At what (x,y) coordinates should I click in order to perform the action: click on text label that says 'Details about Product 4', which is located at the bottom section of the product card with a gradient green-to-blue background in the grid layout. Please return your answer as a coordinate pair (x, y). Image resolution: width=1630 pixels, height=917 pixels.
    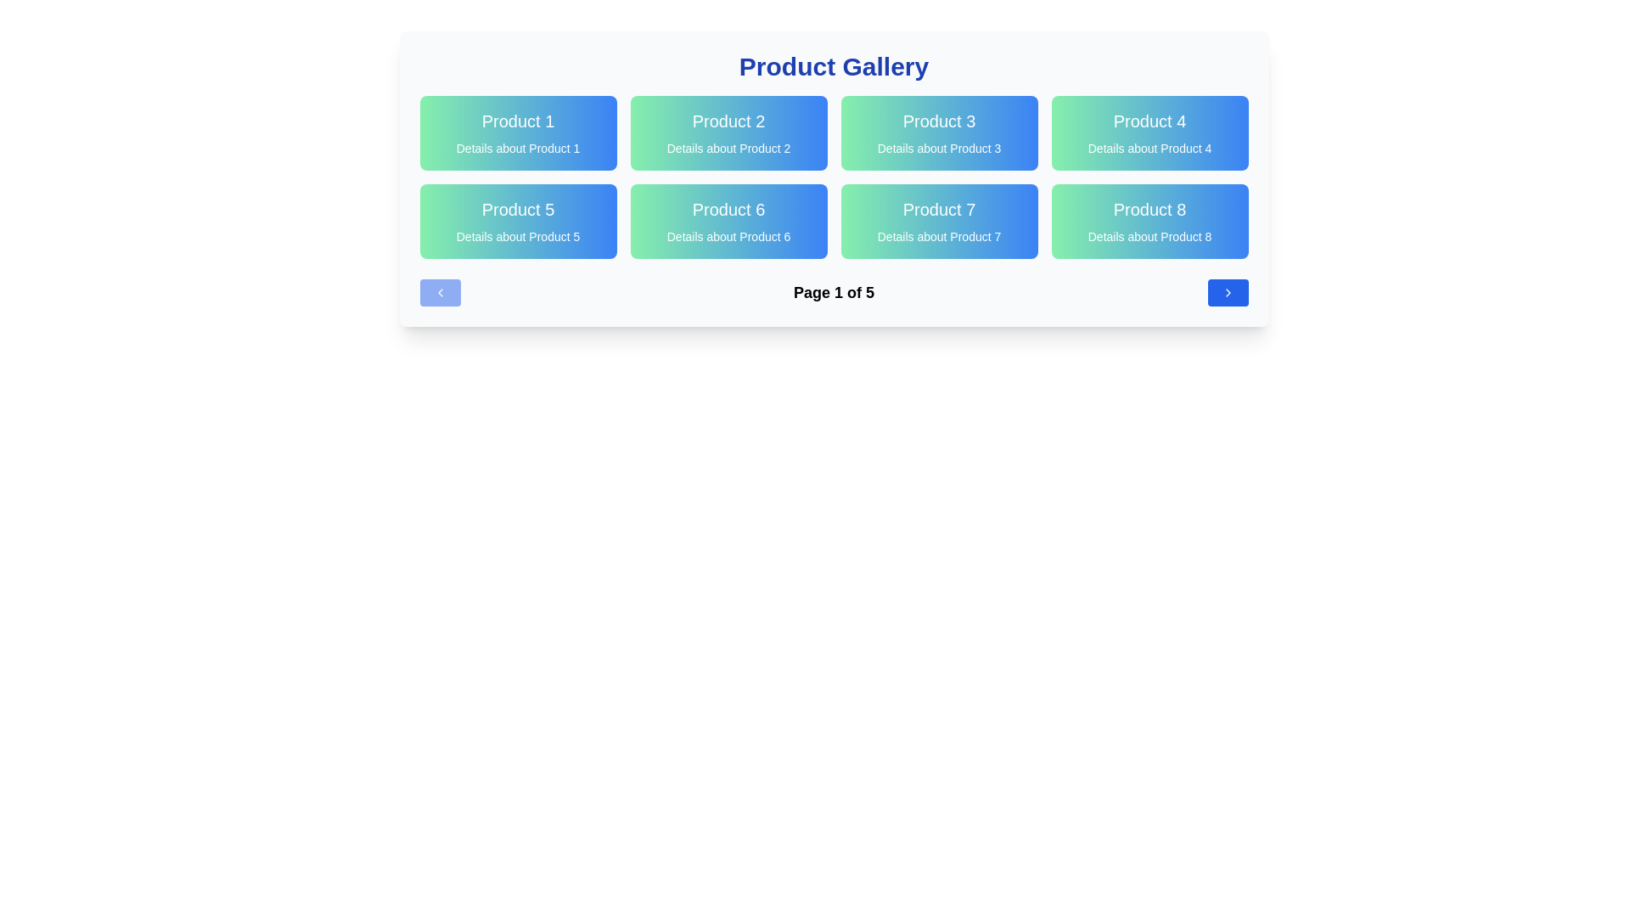
    Looking at the image, I should click on (1149, 147).